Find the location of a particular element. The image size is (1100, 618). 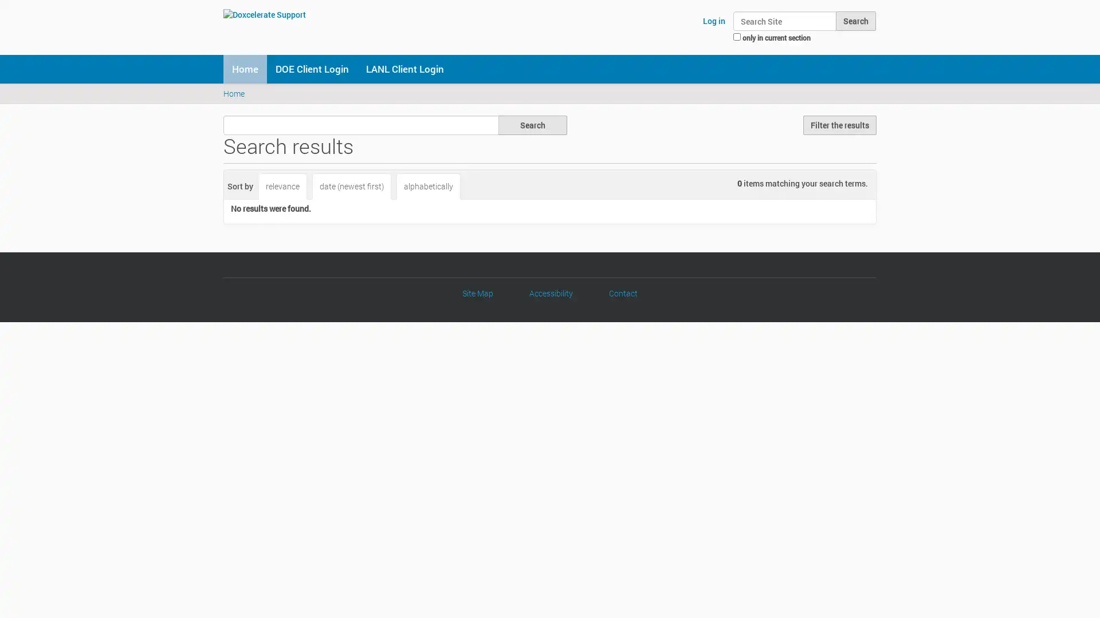

Filter the results is located at coordinates (839, 125).